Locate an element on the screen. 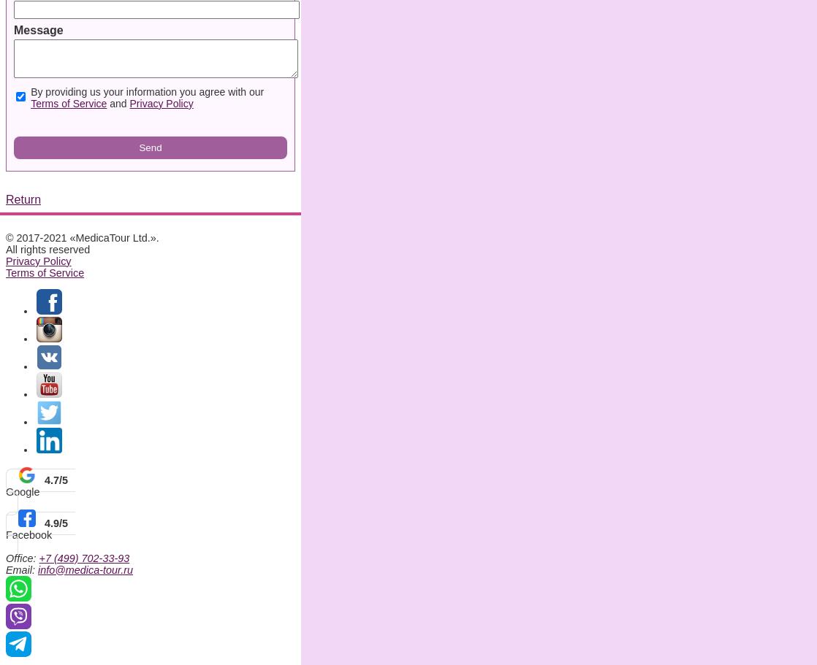 The image size is (817, 665). '© 2017-2021 «MedicaTour Ltd.».' is located at coordinates (82, 237).